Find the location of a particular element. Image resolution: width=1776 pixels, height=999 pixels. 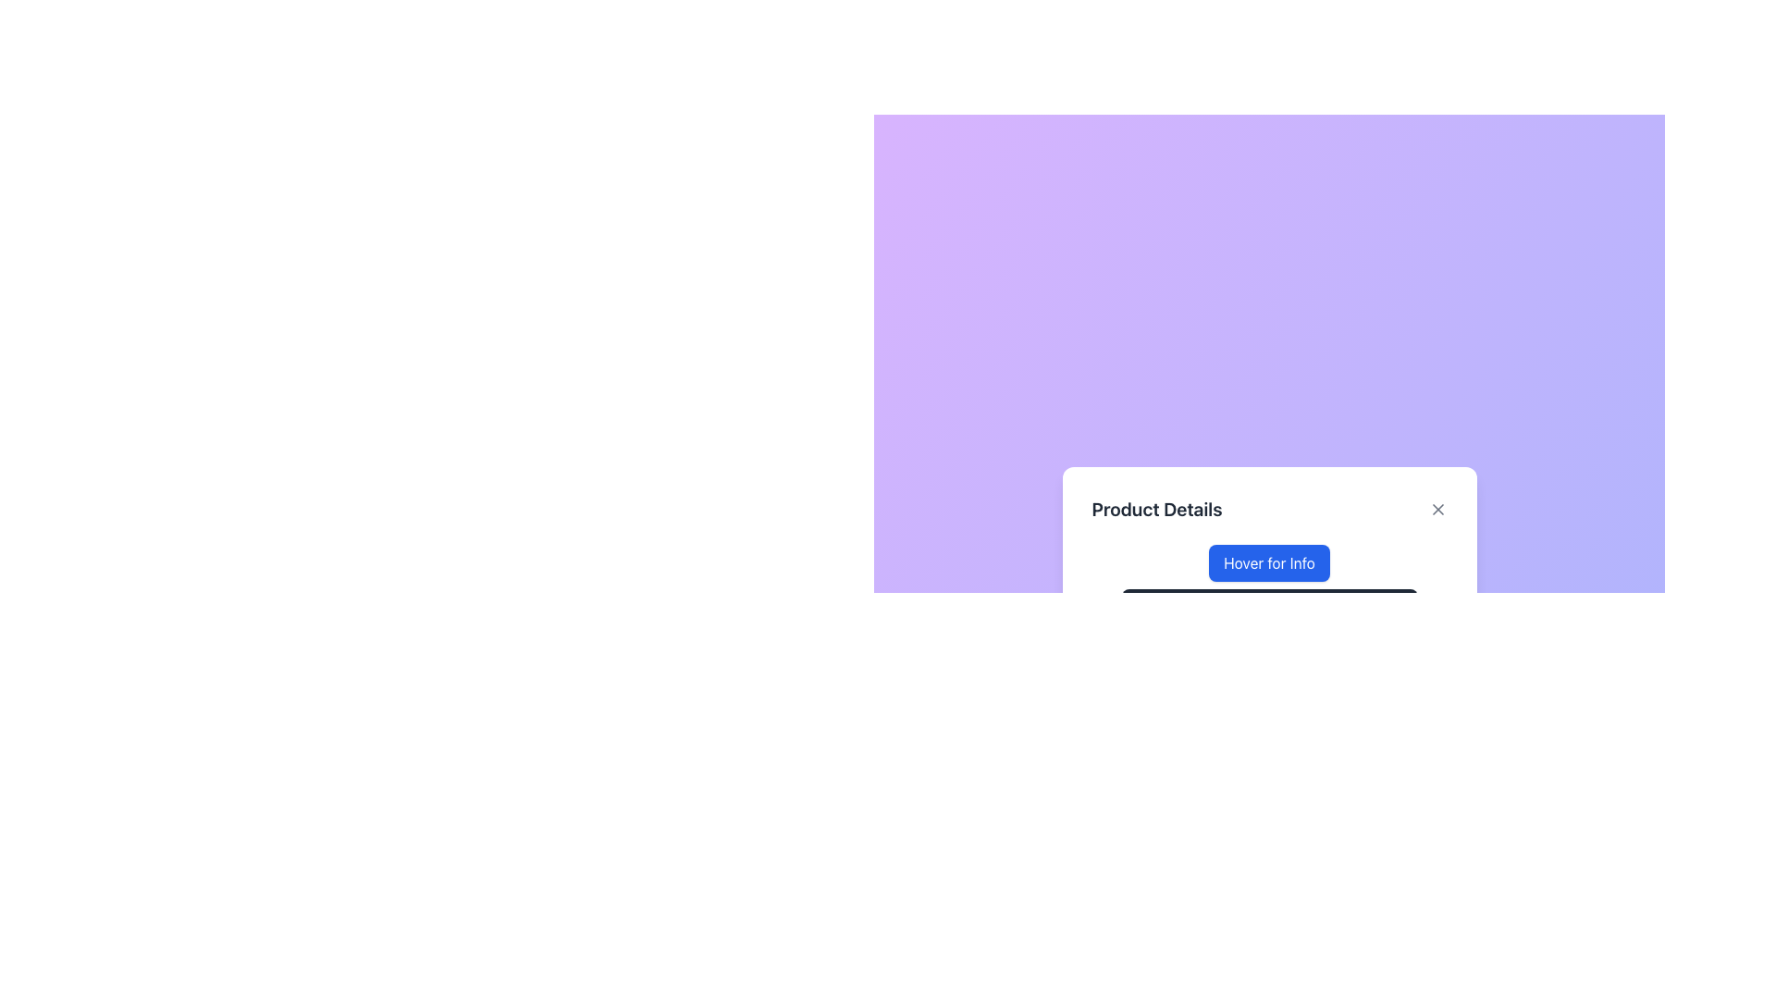

the 'Hover for Info' button, which has a blue background and white text, located within the 'Product Details' card is located at coordinates (1268, 562).